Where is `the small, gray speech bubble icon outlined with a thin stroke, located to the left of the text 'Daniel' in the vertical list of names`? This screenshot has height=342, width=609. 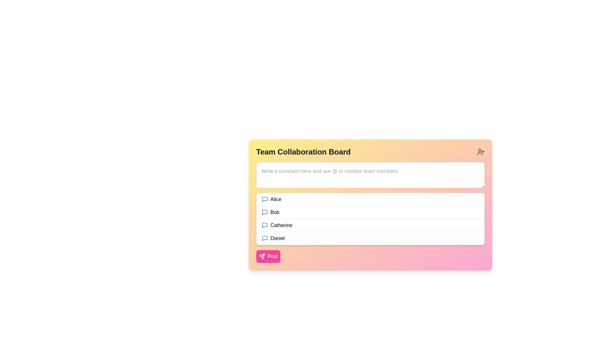 the small, gray speech bubble icon outlined with a thin stroke, located to the left of the text 'Daniel' in the vertical list of names is located at coordinates (265, 238).